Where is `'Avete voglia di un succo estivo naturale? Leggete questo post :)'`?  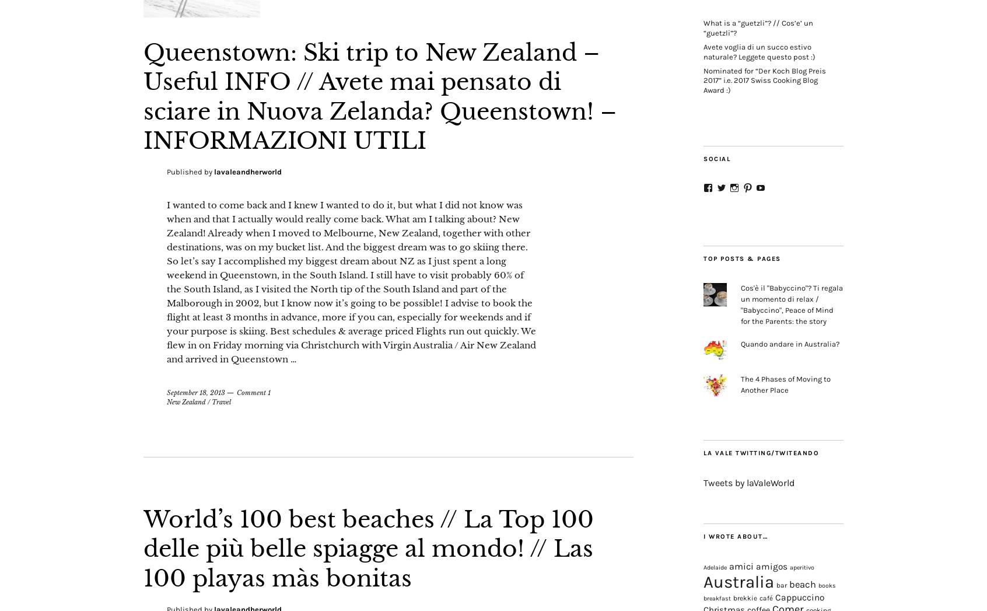 'Avete voglia di un succo estivo naturale? Leggete questo post :)' is located at coordinates (758, 51).